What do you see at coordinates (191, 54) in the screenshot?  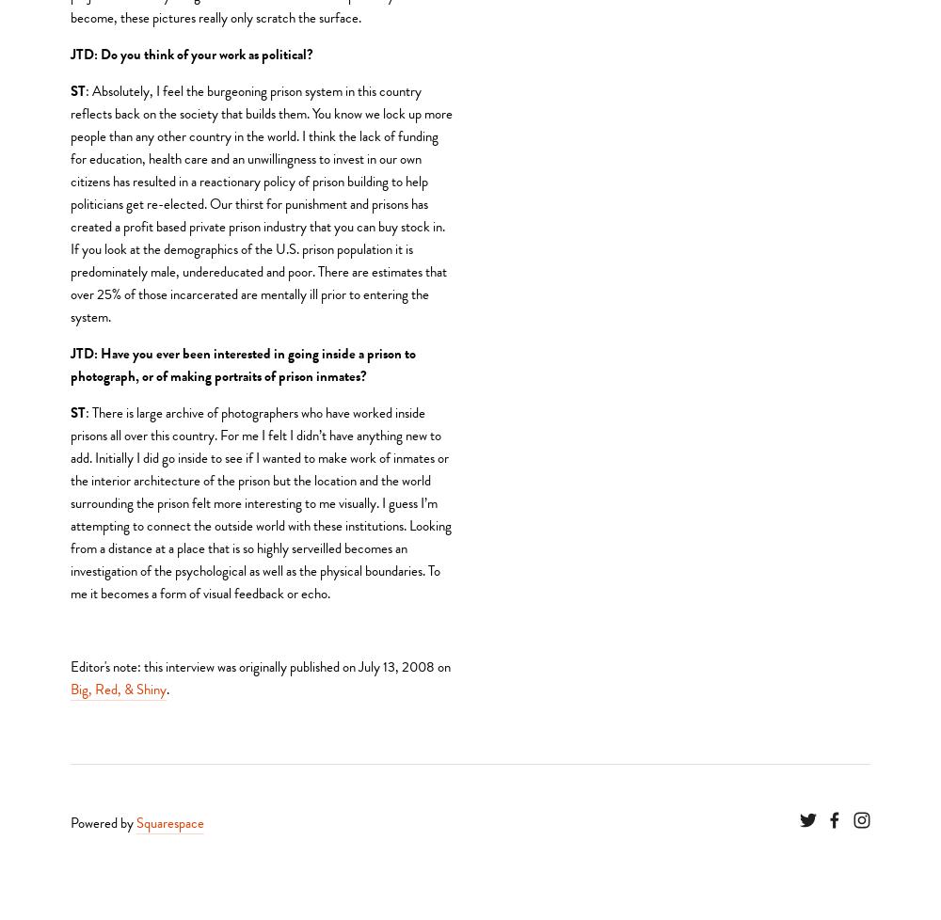 I see `'JTD: Do you think of your work as political?'` at bounding box center [191, 54].